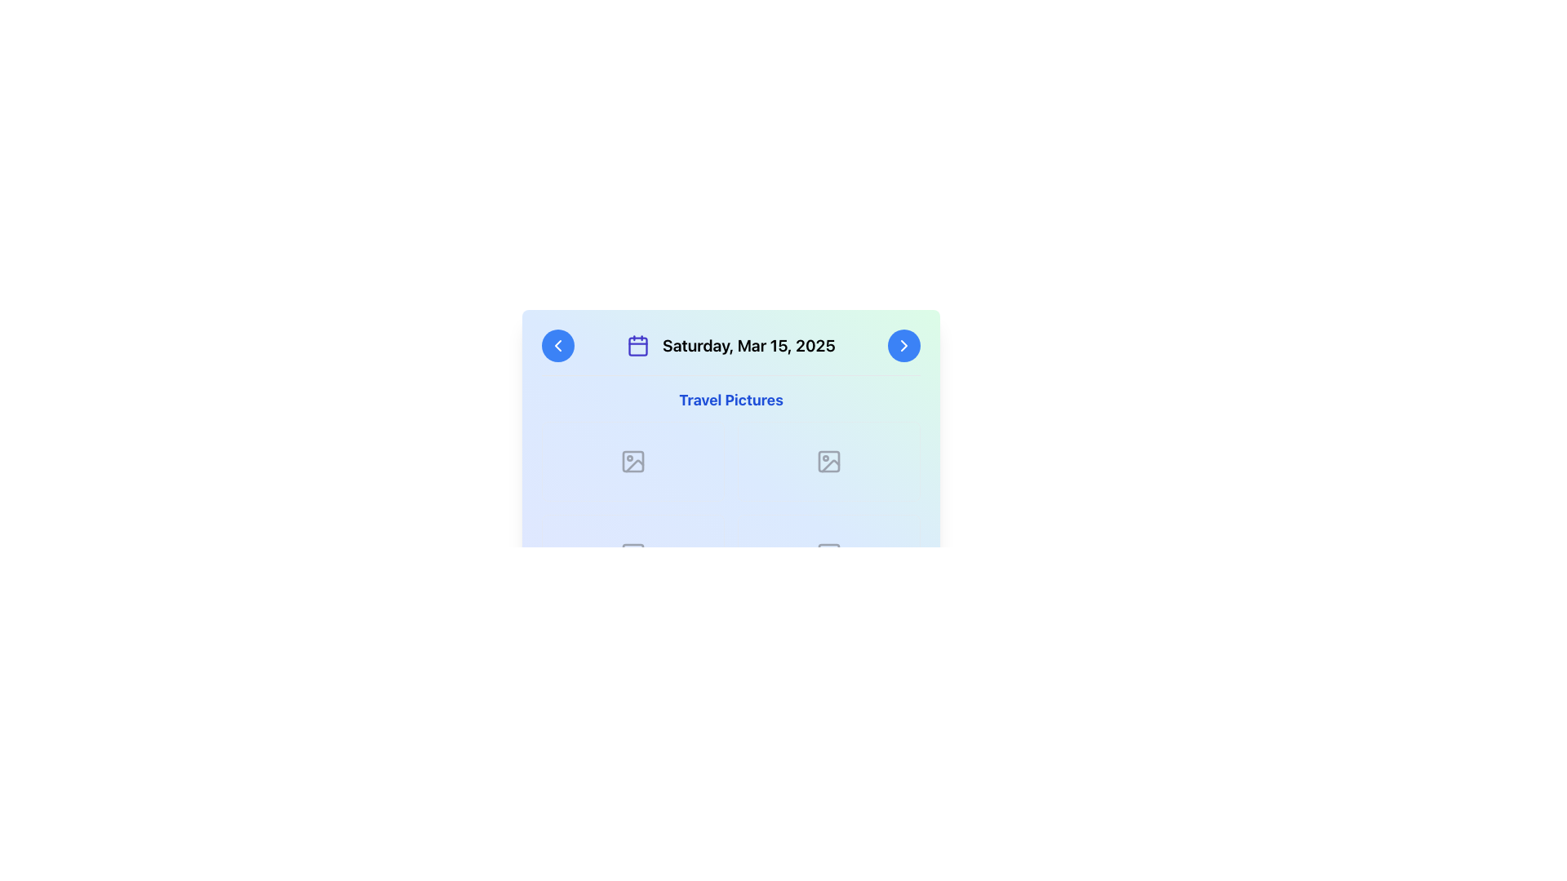 The width and height of the screenshot is (1567, 881). Describe the element at coordinates (748, 345) in the screenshot. I see `the Text Label displaying the date, which is located above the 'Travel Pictures' section and to the right of the calendar icon` at that location.